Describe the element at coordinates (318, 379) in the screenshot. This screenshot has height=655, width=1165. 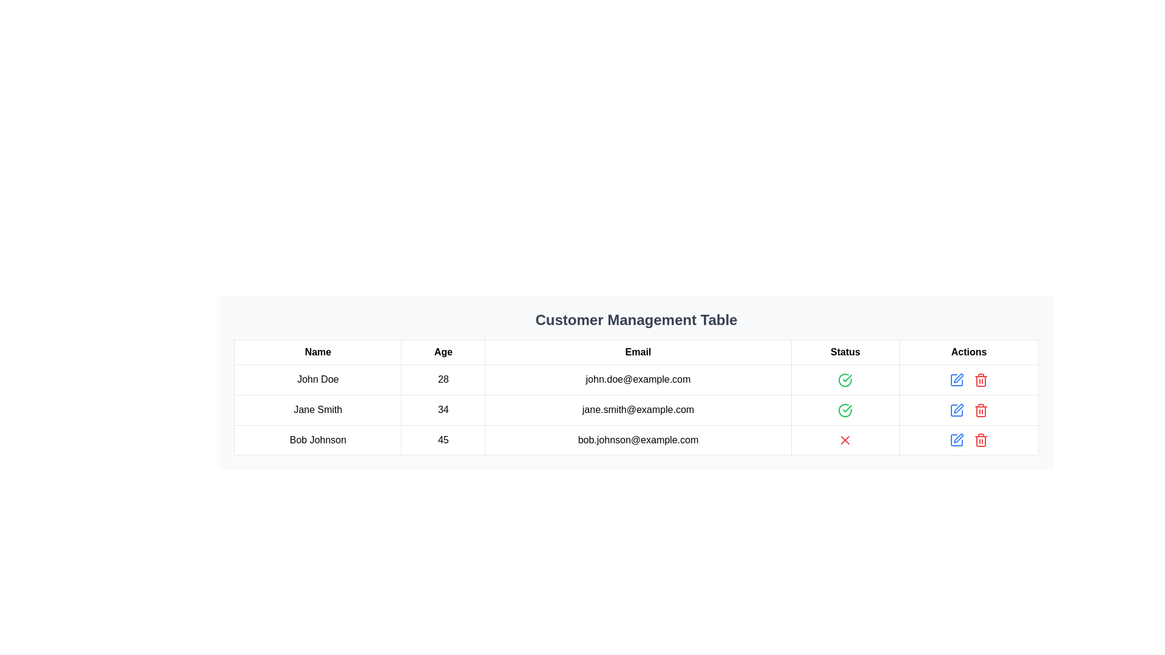
I see `the text element displaying 'John Doe' in the first column of the first data row in the customer management table` at that location.